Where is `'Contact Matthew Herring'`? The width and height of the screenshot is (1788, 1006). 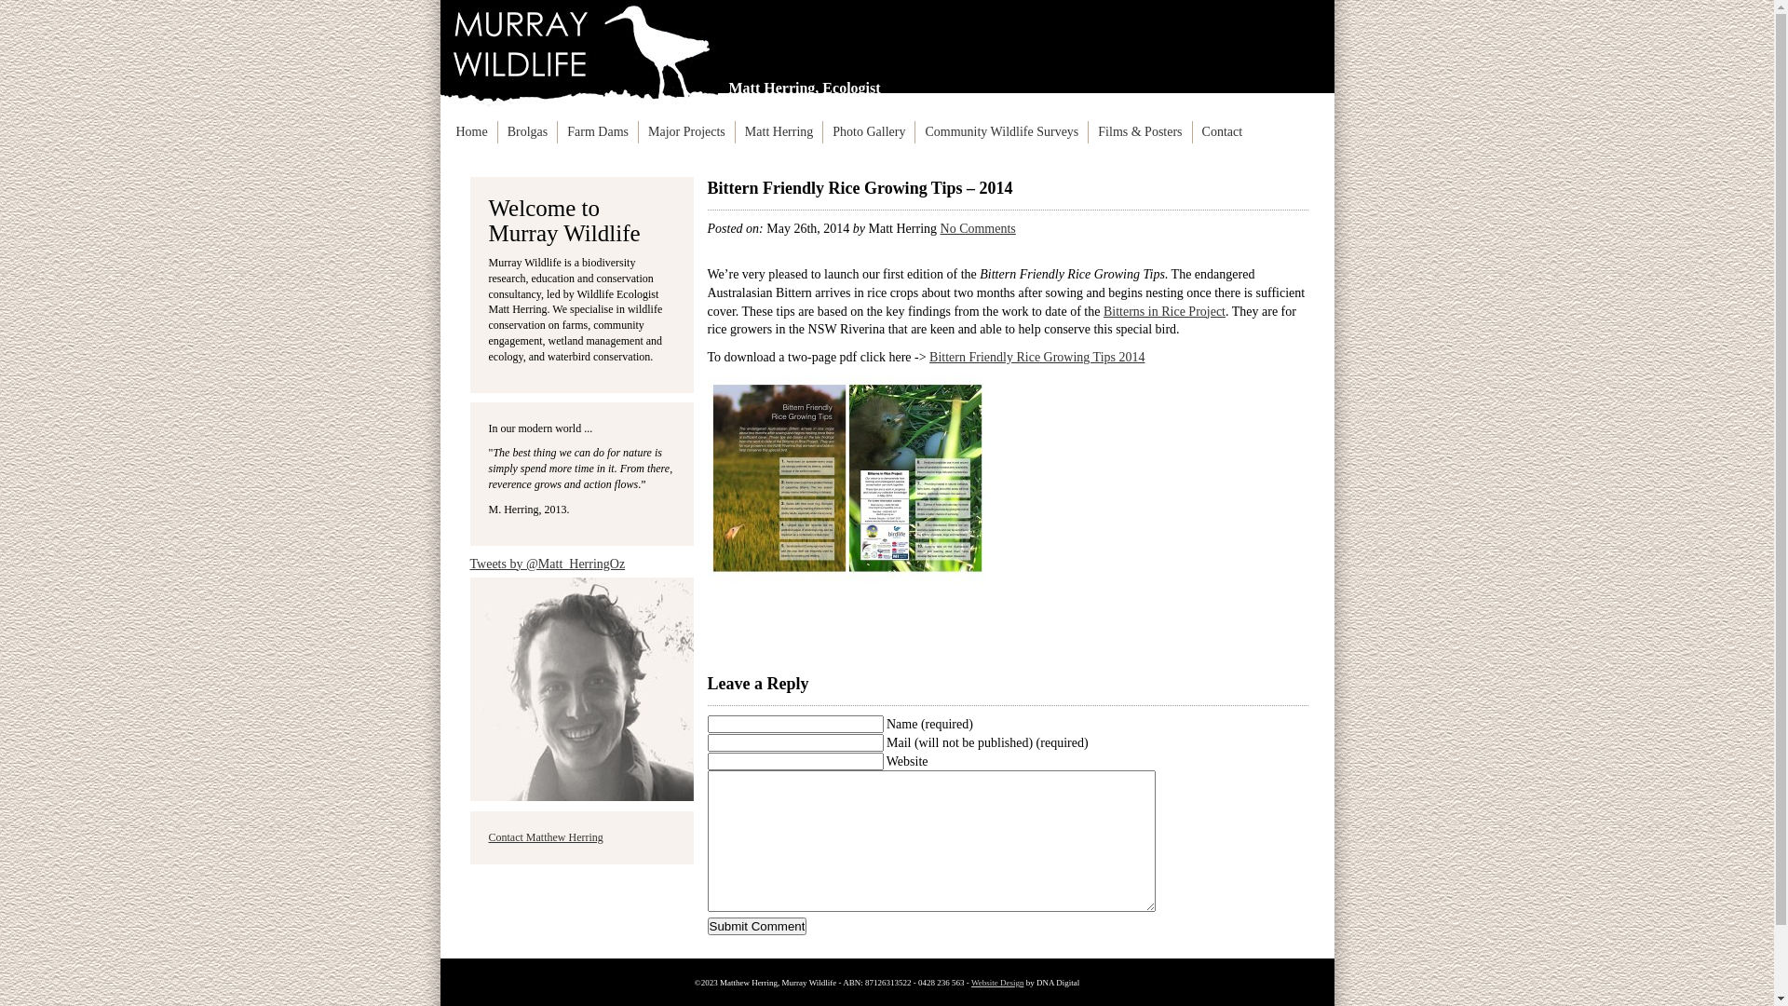 'Contact Matthew Herring' is located at coordinates (544, 836).